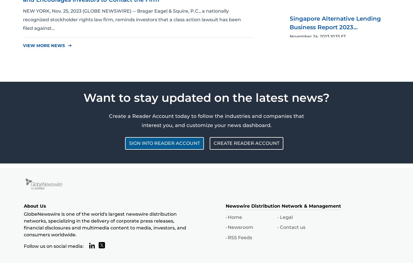 The height and width of the screenshot is (263, 413). What do you see at coordinates (206, 120) in the screenshot?
I see `'Create a Reader Account today to follow the industries and companies that interest you, and customize your news dashboard.'` at bounding box center [206, 120].